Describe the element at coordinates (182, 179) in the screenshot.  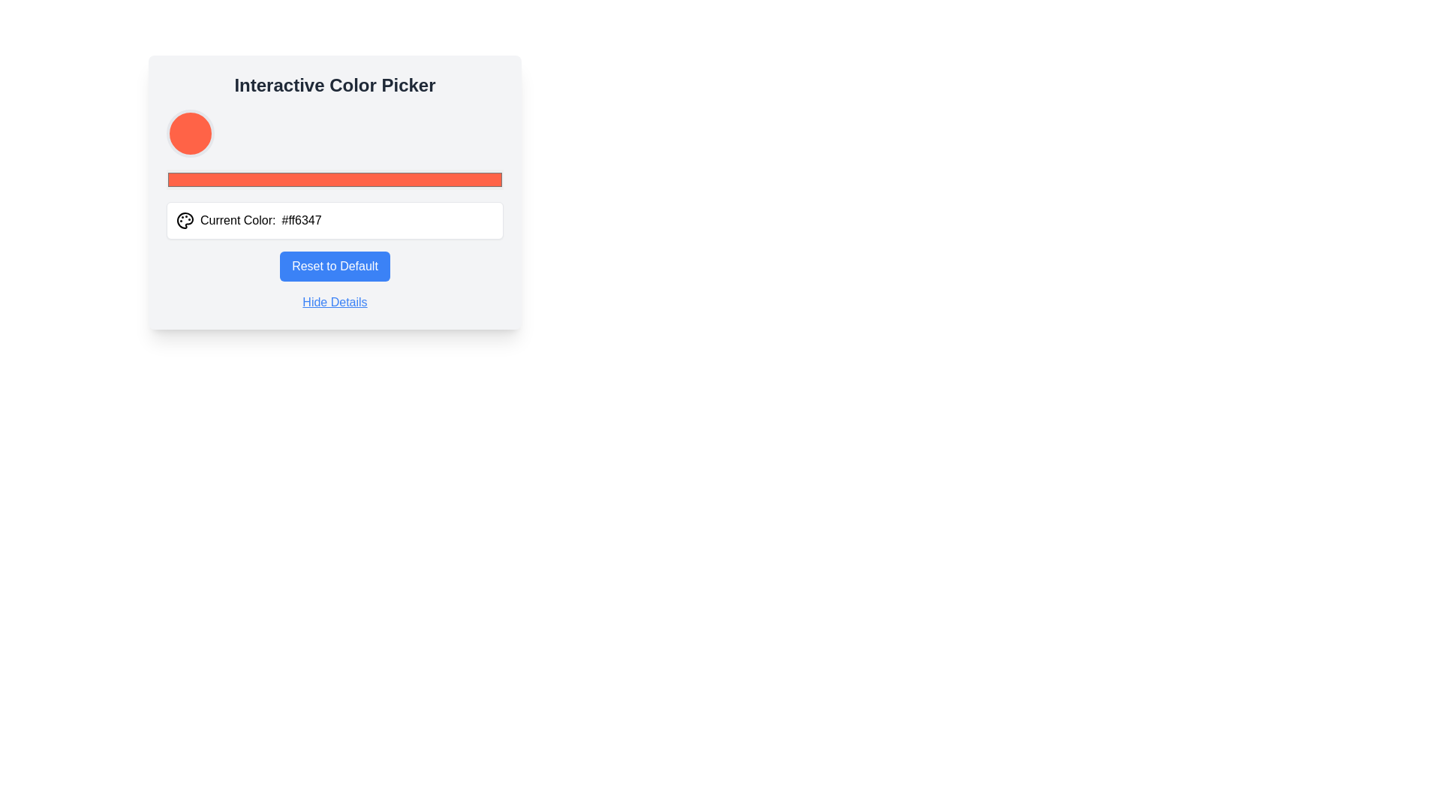
I see `the slider value` at that location.